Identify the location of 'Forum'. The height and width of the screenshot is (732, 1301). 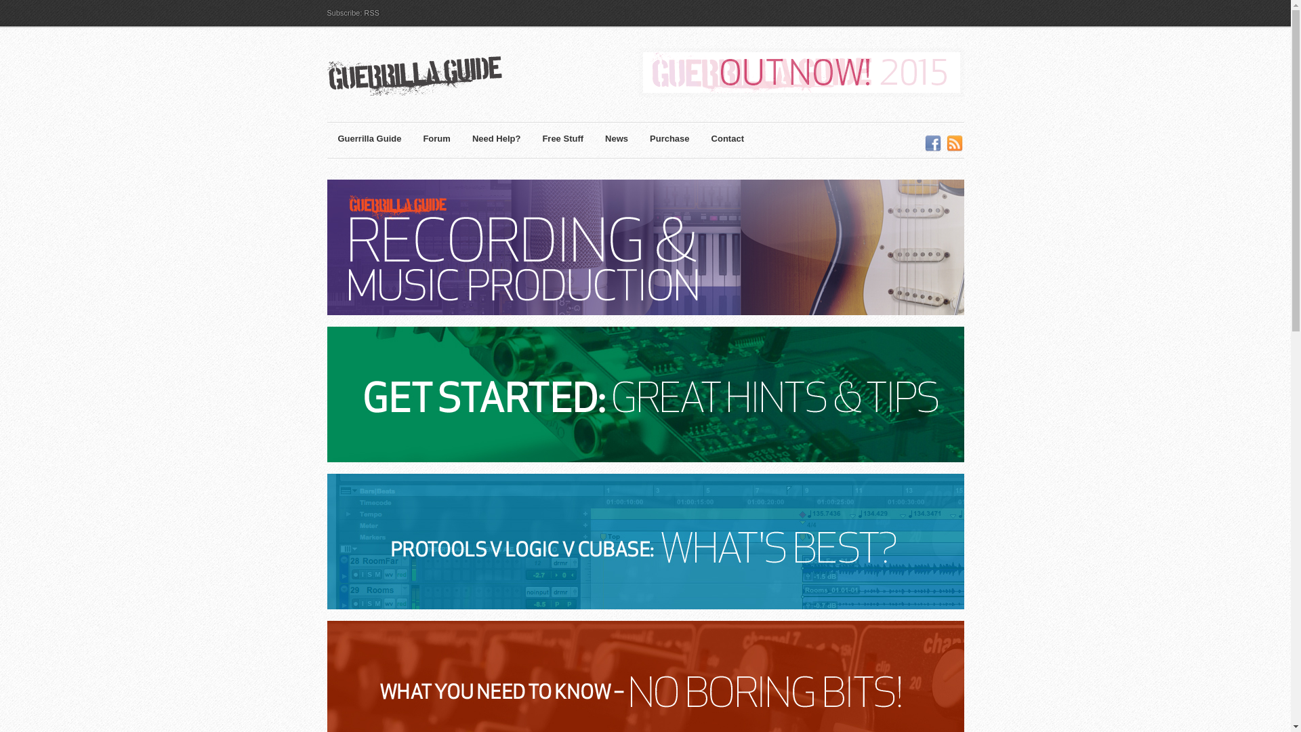
(436, 140).